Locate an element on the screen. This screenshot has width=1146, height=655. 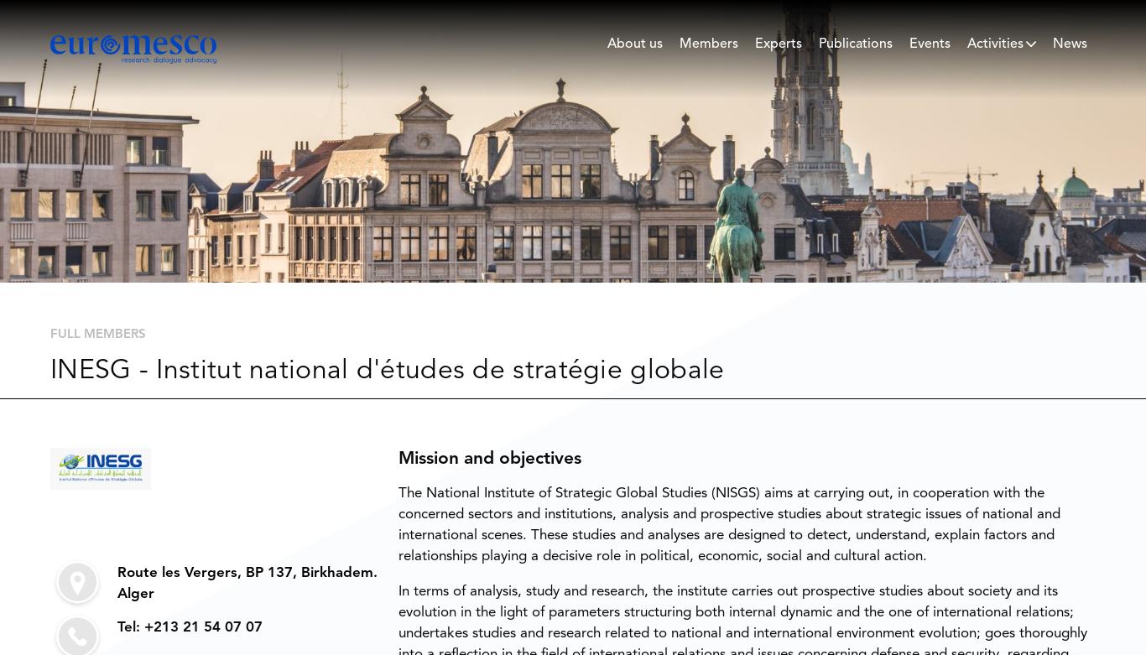
'The National Institute of Strategic Global Studies (NISGS) aims at carrying out, in cooperation with the concerned sectors and institutions, analysis and prospective studies about strategic issues of national and international scenes. These studies and analyses are designed to detect, understand, explain factors and relationships playing a decisive role in political, economic, social and cultural action.' is located at coordinates (728, 524).